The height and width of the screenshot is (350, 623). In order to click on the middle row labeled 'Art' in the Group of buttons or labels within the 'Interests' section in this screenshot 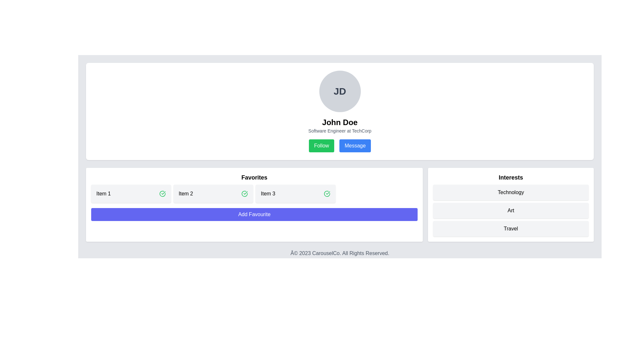, I will do `click(510, 211)`.